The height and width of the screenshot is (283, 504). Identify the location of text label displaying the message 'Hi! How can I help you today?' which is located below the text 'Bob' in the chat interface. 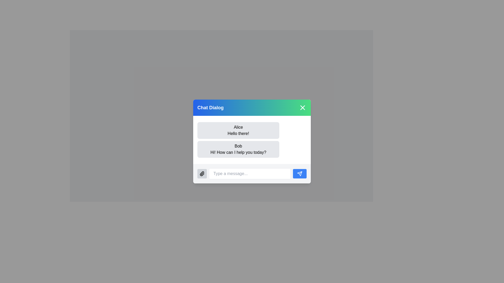
(238, 153).